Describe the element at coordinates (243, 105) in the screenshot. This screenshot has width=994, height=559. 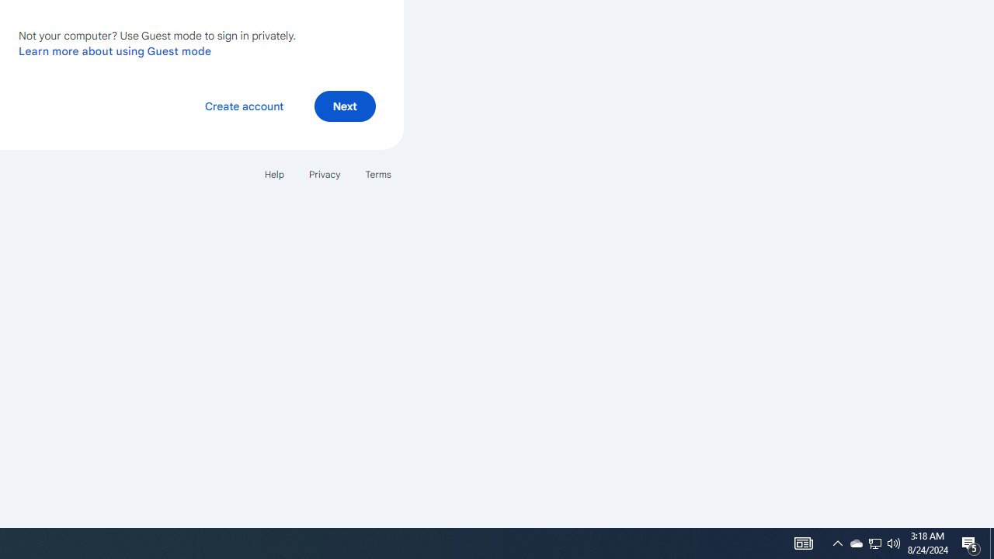
I see `'Create account'` at that location.